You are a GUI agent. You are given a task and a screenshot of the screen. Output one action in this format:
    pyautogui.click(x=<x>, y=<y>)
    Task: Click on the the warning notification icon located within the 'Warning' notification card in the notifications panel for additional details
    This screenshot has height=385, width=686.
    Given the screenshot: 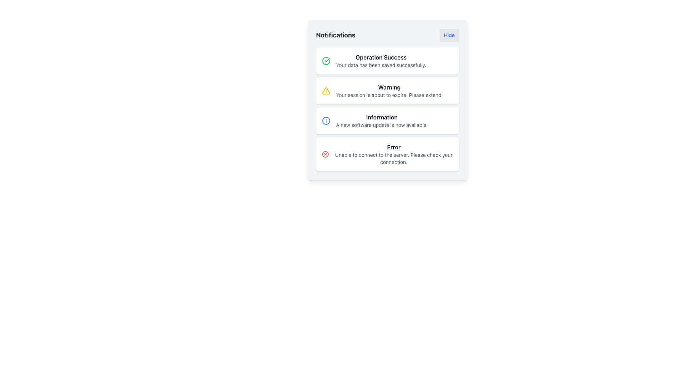 What is the action you would take?
    pyautogui.click(x=325, y=90)
    